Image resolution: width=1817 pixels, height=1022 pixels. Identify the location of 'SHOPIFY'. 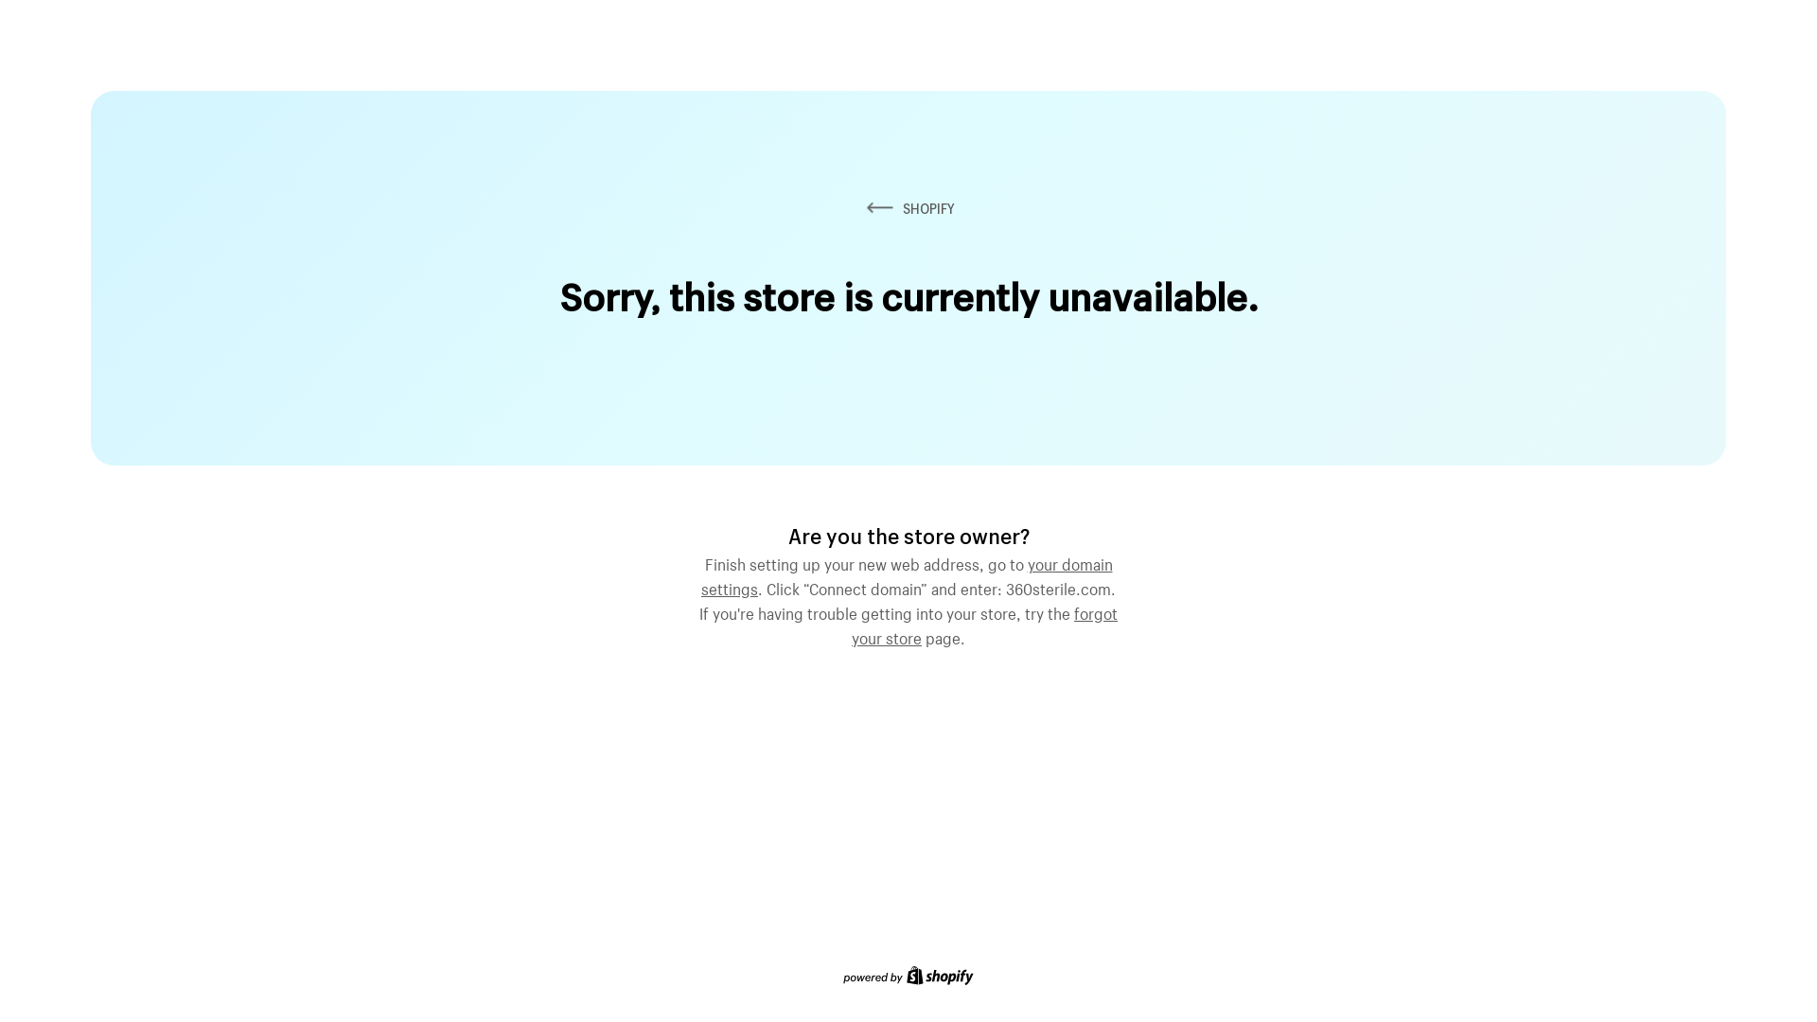
(908, 208).